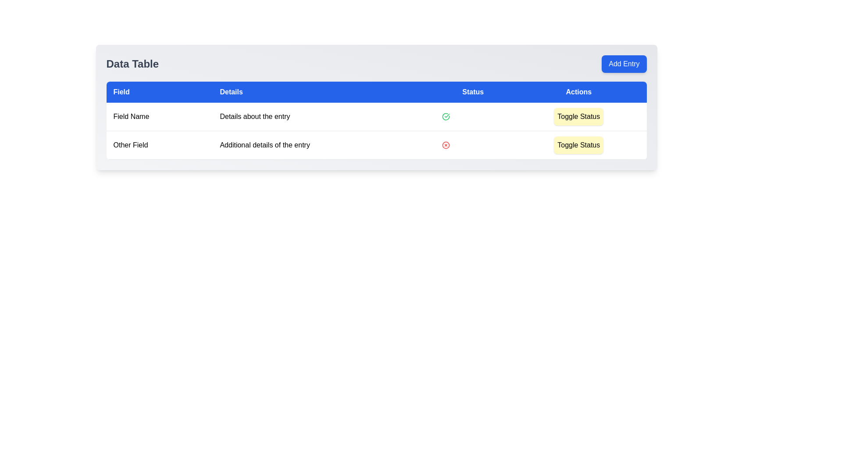  Describe the element at coordinates (132, 64) in the screenshot. I see `the text label that serves as a title or heading for the section, located in the top-left section of the interface` at that location.